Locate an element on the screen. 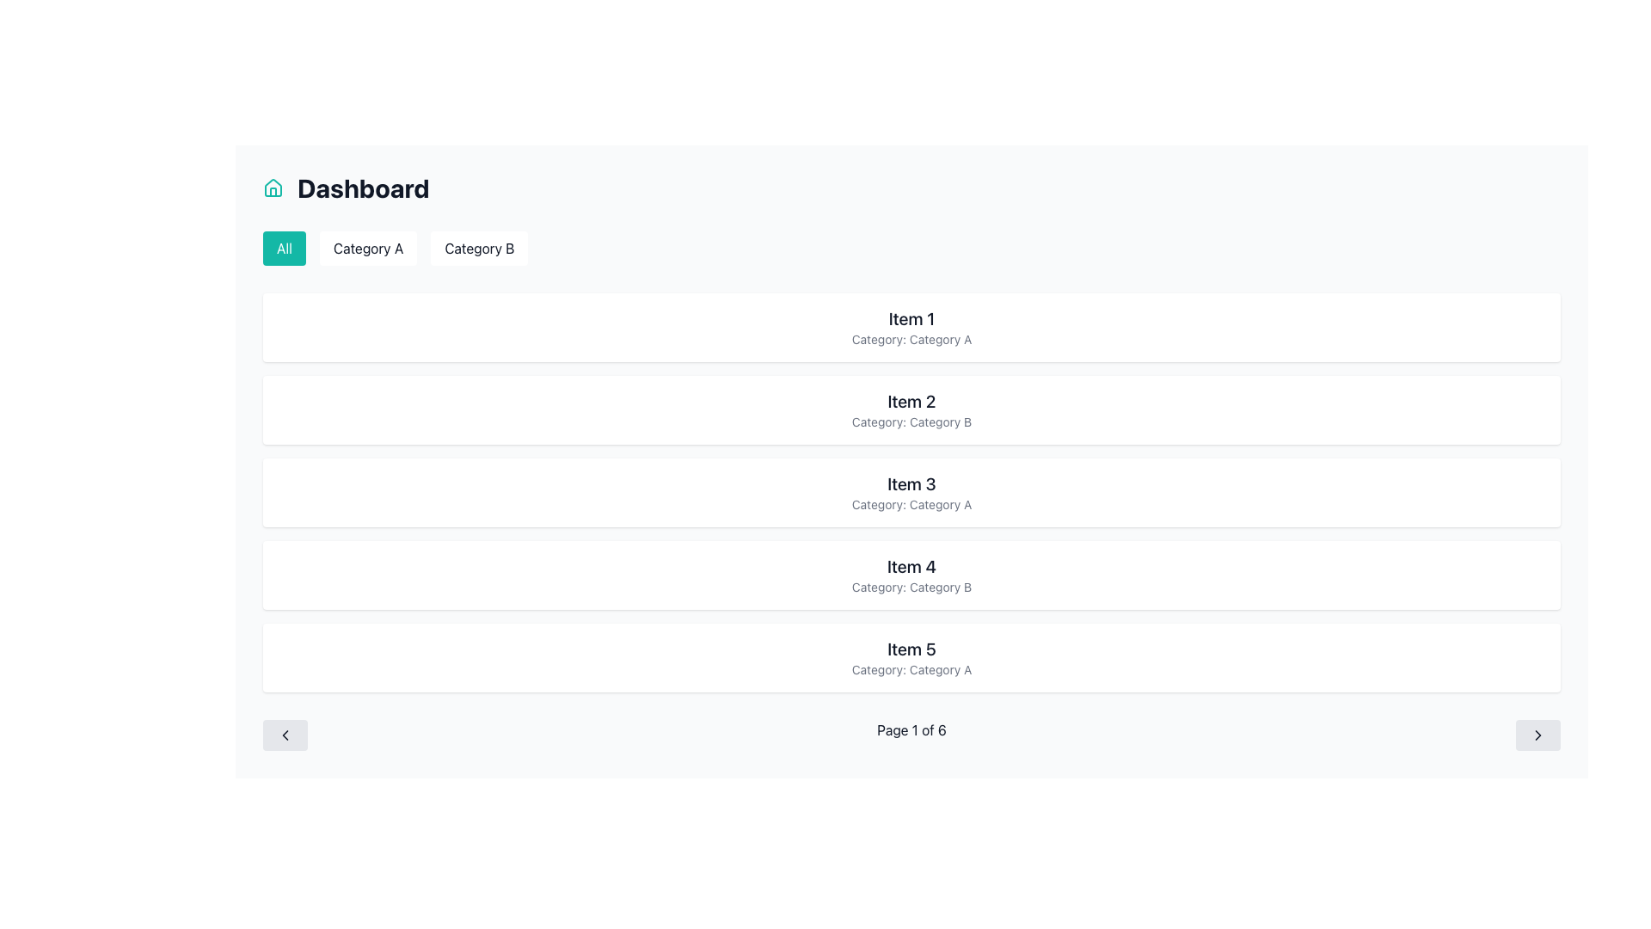  the navigation control button located at the bottom-left of the interface, which is used is located at coordinates (285, 735).